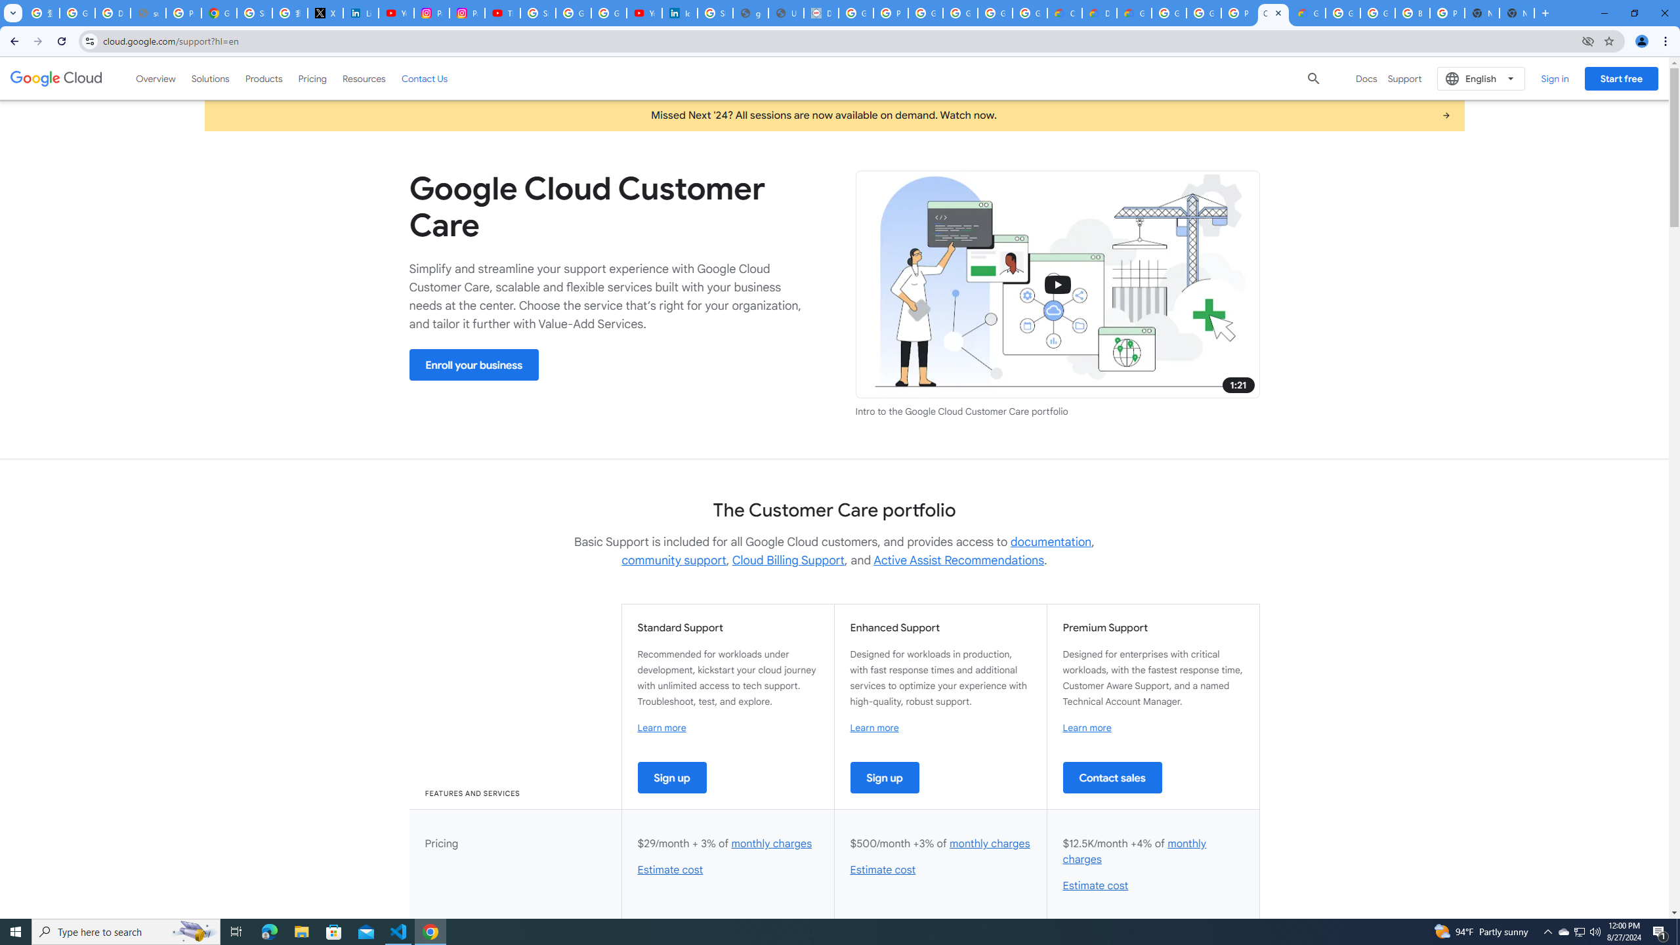 The height and width of the screenshot is (945, 1680). What do you see at coordinates (209, 77) in the screenshot?
I see `'Solutions'` at bounding box center [209, 77].